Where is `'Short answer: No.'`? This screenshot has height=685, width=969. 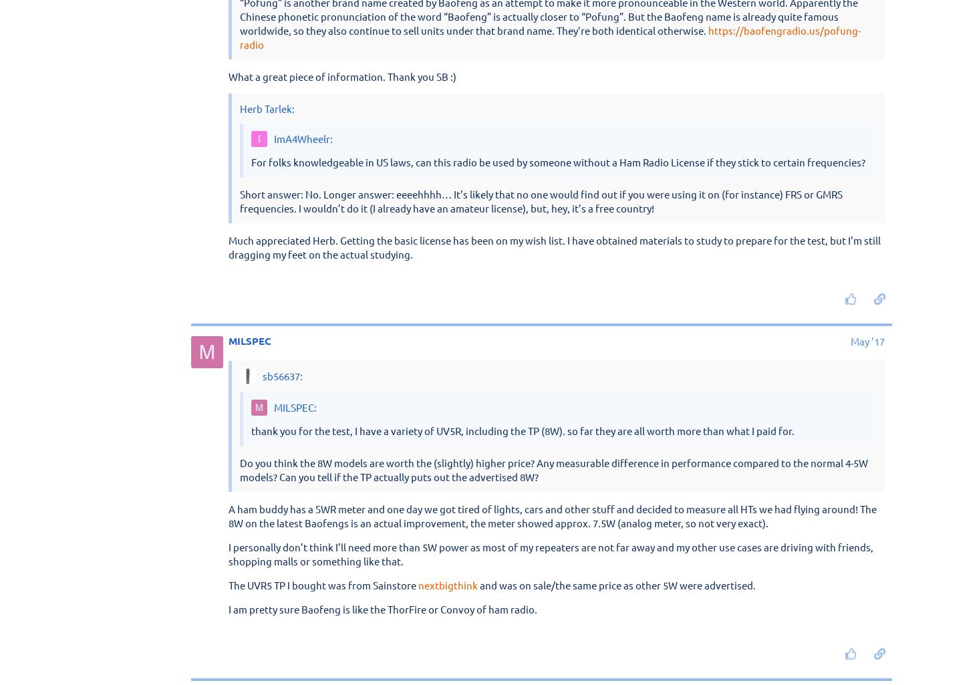
'Short answer: No.' is located at coordinates (229, 142).